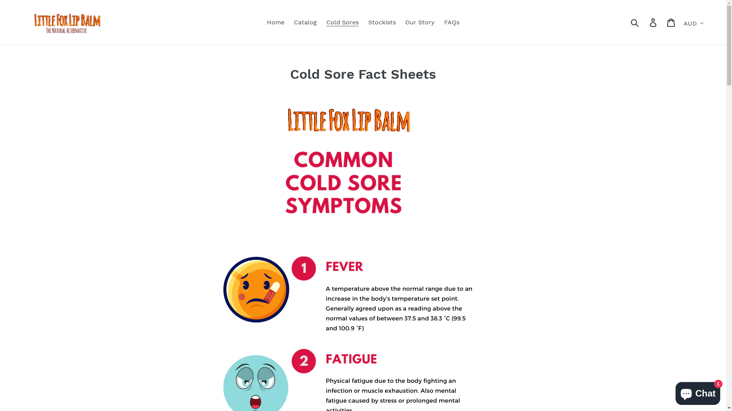 Image resolution: width=732 pixels, height=411 pixels. Describe the element at coordinates (401, 22) in the screenshot. I see `'Our Story'` at that location.